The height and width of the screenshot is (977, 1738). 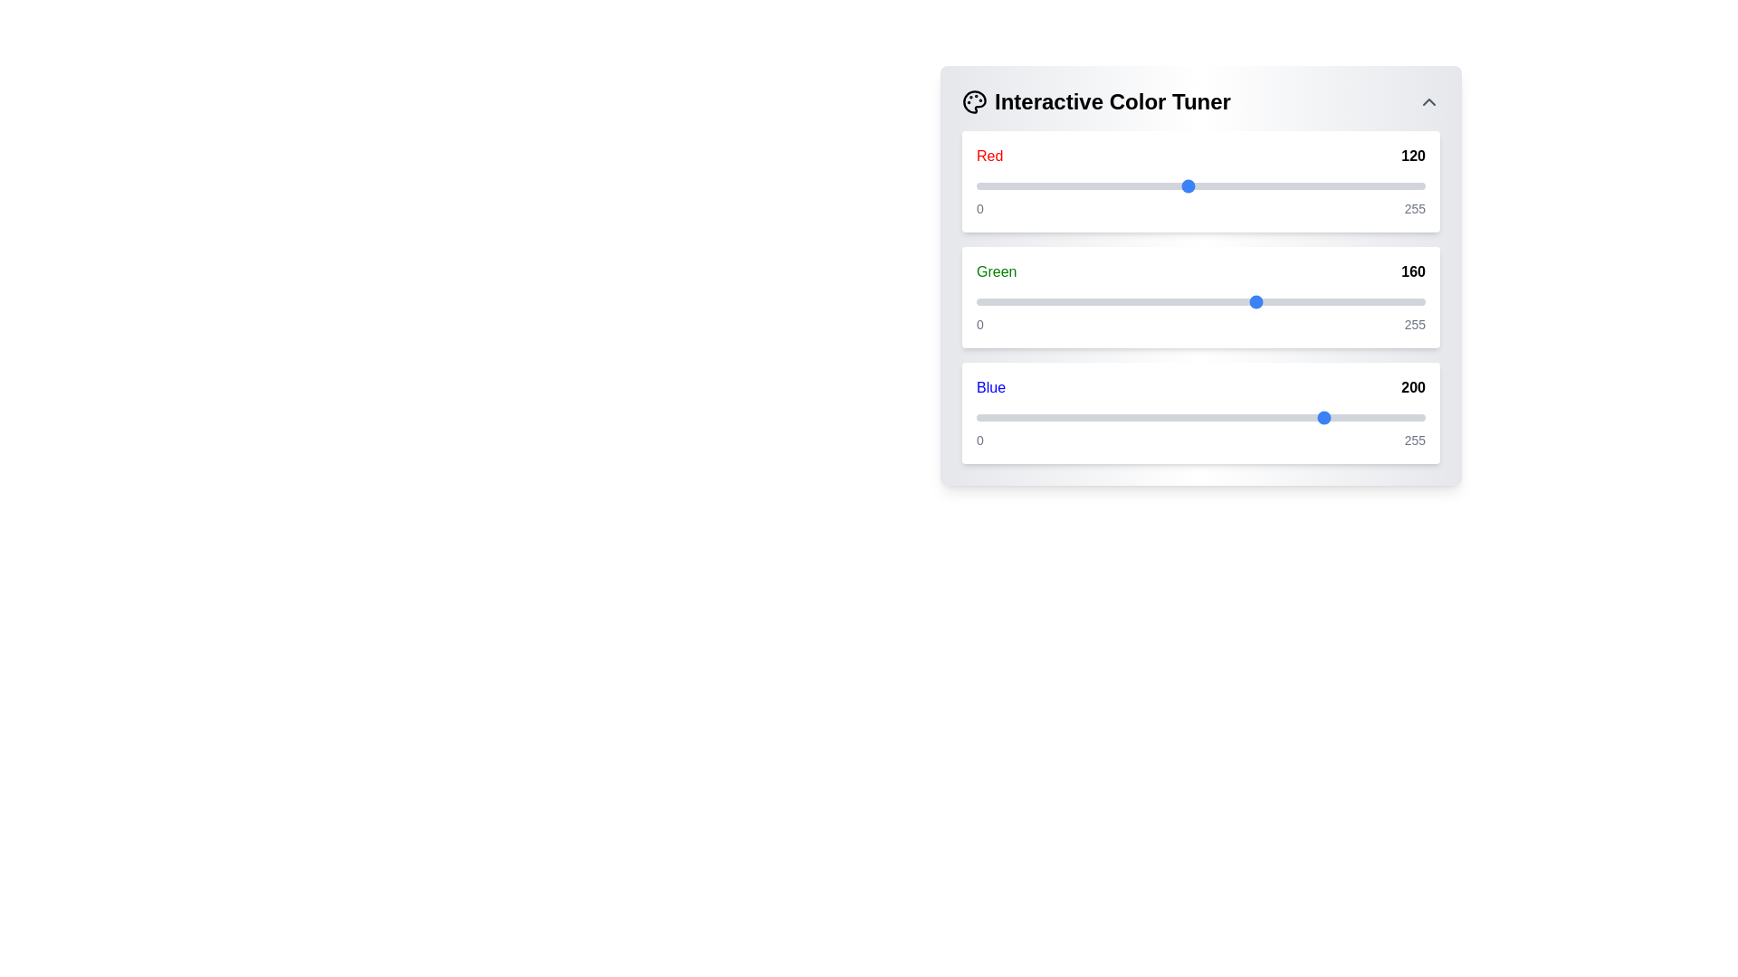 What do you see at coordinates (1020, 418) in the screenshot?
I see `the Blue color value` at bounding box center [1020, 418].